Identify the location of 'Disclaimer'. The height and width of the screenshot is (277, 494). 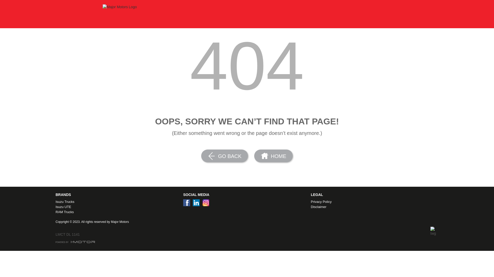
(373, 206).